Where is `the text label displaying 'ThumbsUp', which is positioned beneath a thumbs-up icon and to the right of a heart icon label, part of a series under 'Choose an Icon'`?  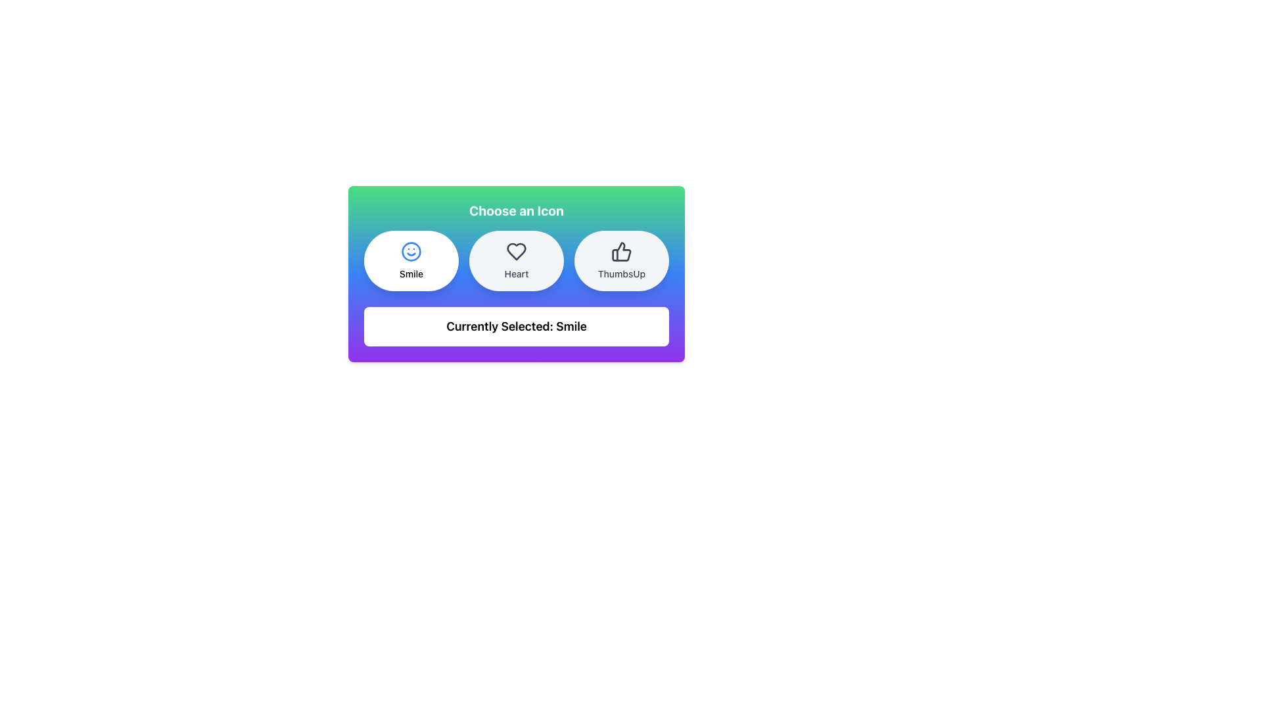
the text label displaying 'ThumbsUp', which is positioned beneath a thumbs-up icon and to the right of a heart icon label, part of a series under 'Choose an Icon' is located at coordinates (620, 273).